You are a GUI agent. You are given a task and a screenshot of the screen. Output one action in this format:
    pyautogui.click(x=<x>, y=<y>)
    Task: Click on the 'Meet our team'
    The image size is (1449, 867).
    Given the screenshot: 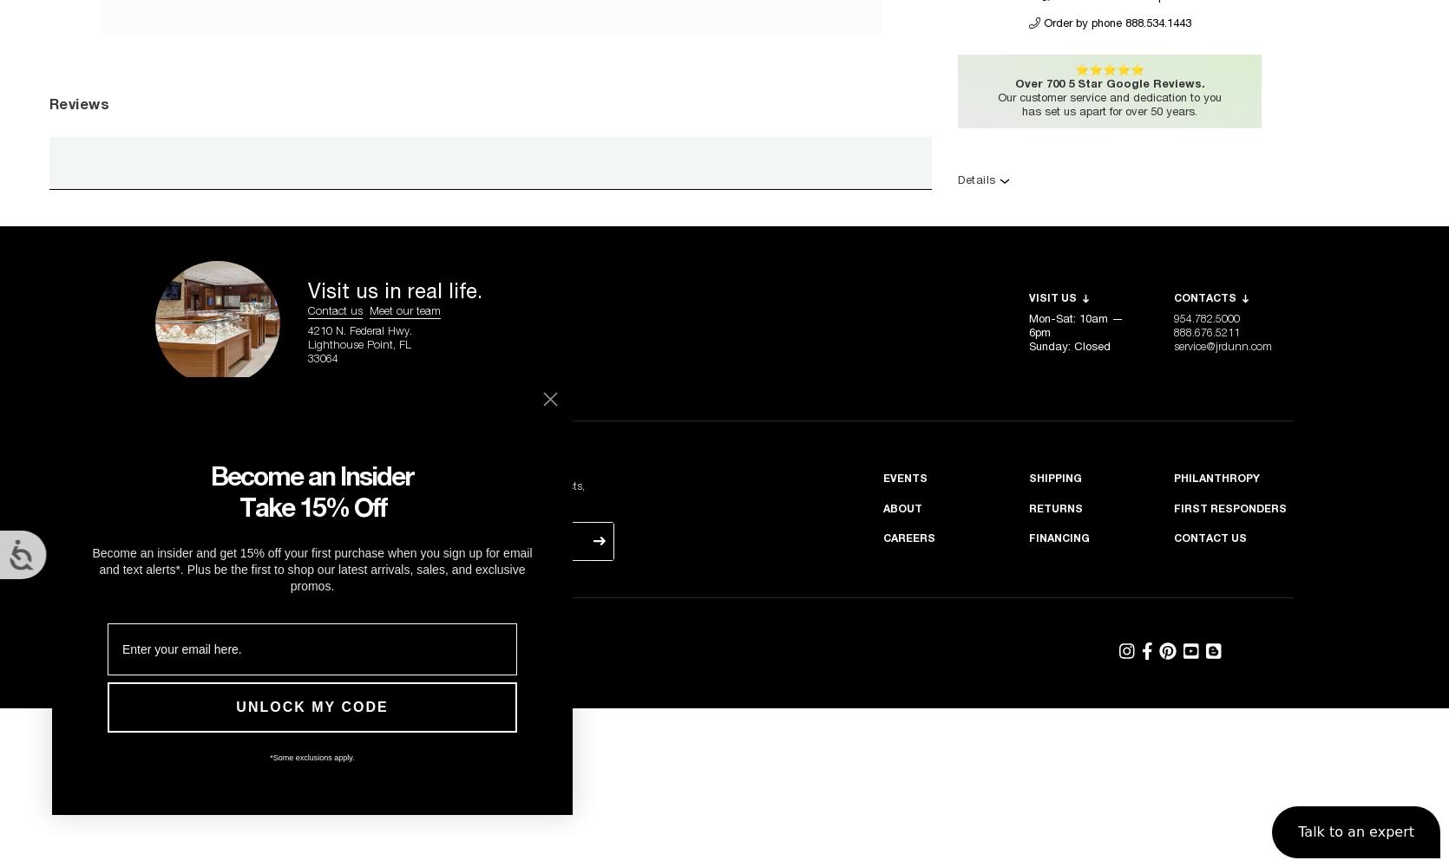 What is the action you would take?
    pyautogui.click(x=403, y=310)
    